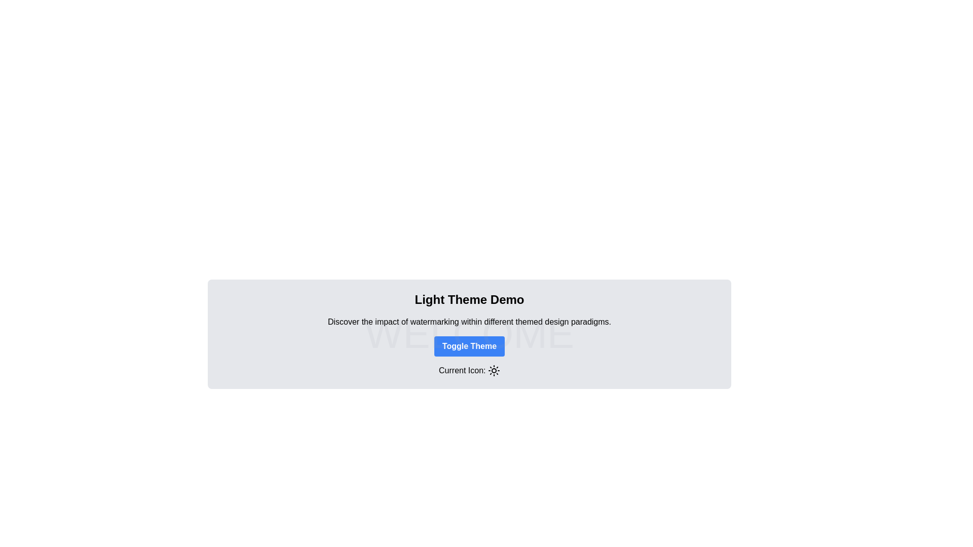  I want to click on the label indicating the currently selected theme icon, labeled 'Current Icon:', so click(469, 370).